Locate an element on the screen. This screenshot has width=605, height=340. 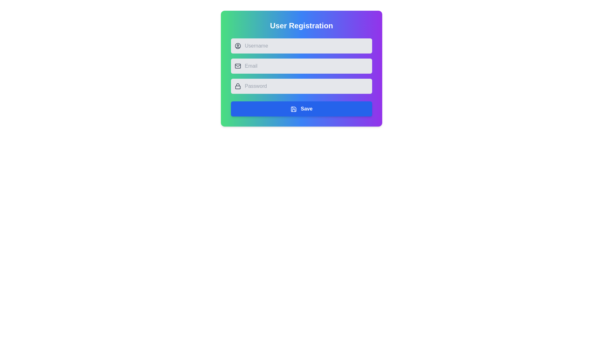
the email envelope icon located inside the email input field adjacent to the 'Email' label is located at coordinates (237, 66).